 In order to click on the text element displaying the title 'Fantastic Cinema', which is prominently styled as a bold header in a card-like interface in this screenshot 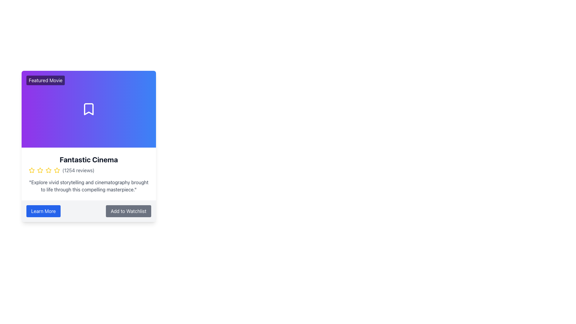, I will do `click(88, 159)`.